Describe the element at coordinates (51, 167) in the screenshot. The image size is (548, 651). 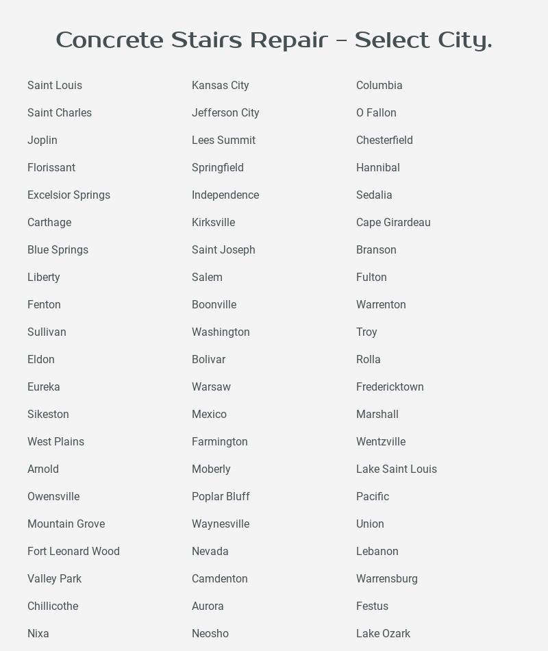
I see `'Florissant'` at that location.